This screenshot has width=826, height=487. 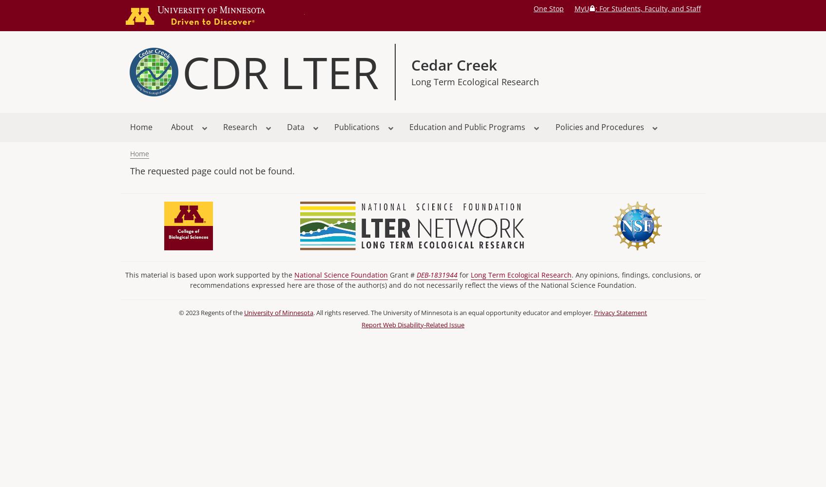 I want to click on 'Publications', so click(x=356, y=127).